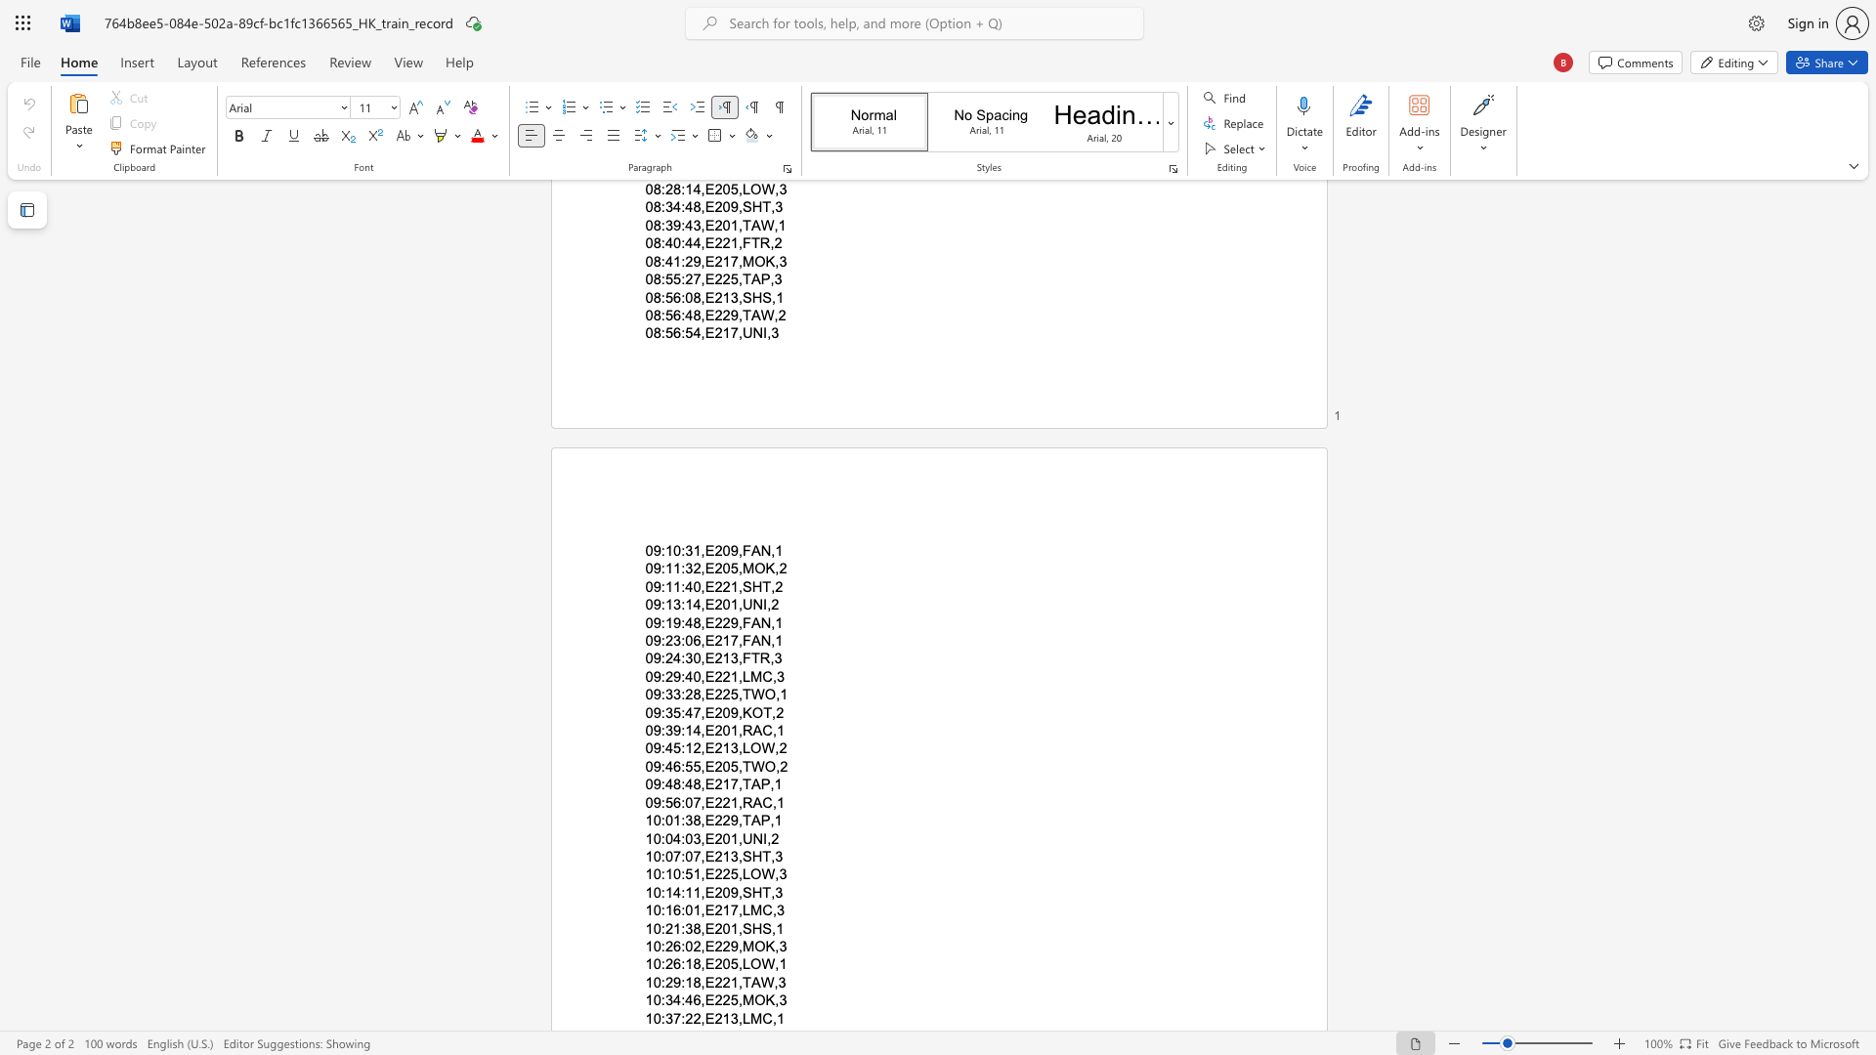 The image size is (1876, 1055). I want to click on the space between the continuous character "2" and "2" in the text, so click(693, 1017).